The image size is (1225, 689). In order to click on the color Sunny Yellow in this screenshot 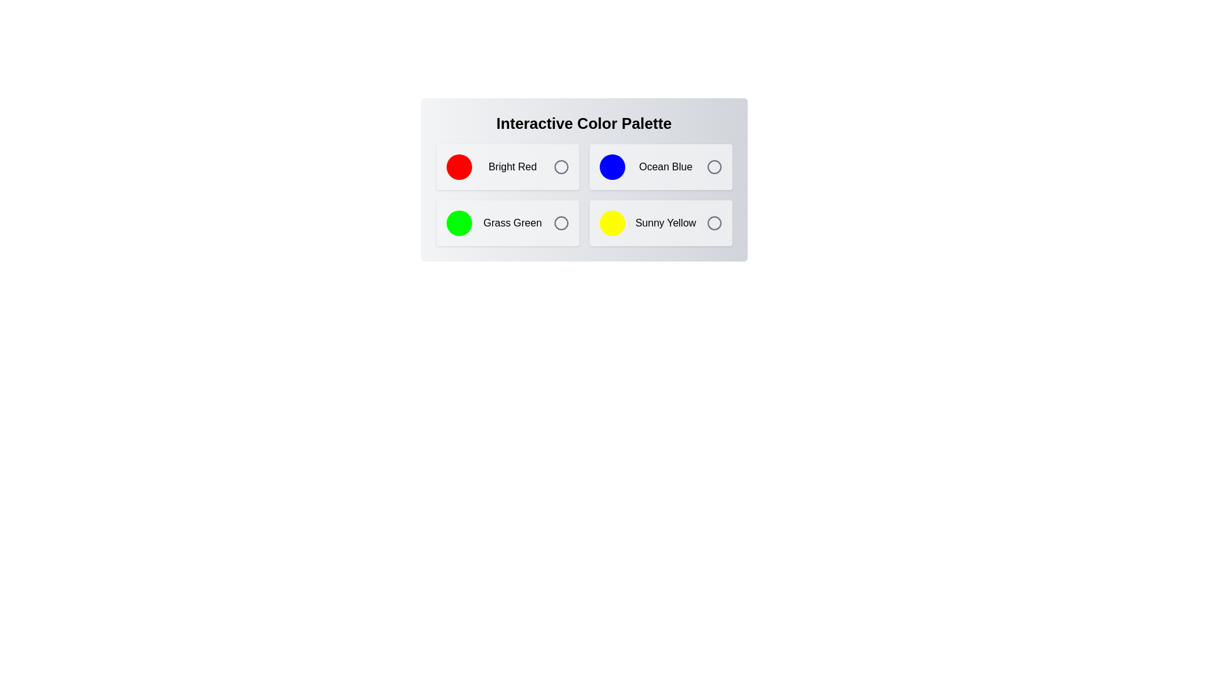, I will do `click(660, 223)`.